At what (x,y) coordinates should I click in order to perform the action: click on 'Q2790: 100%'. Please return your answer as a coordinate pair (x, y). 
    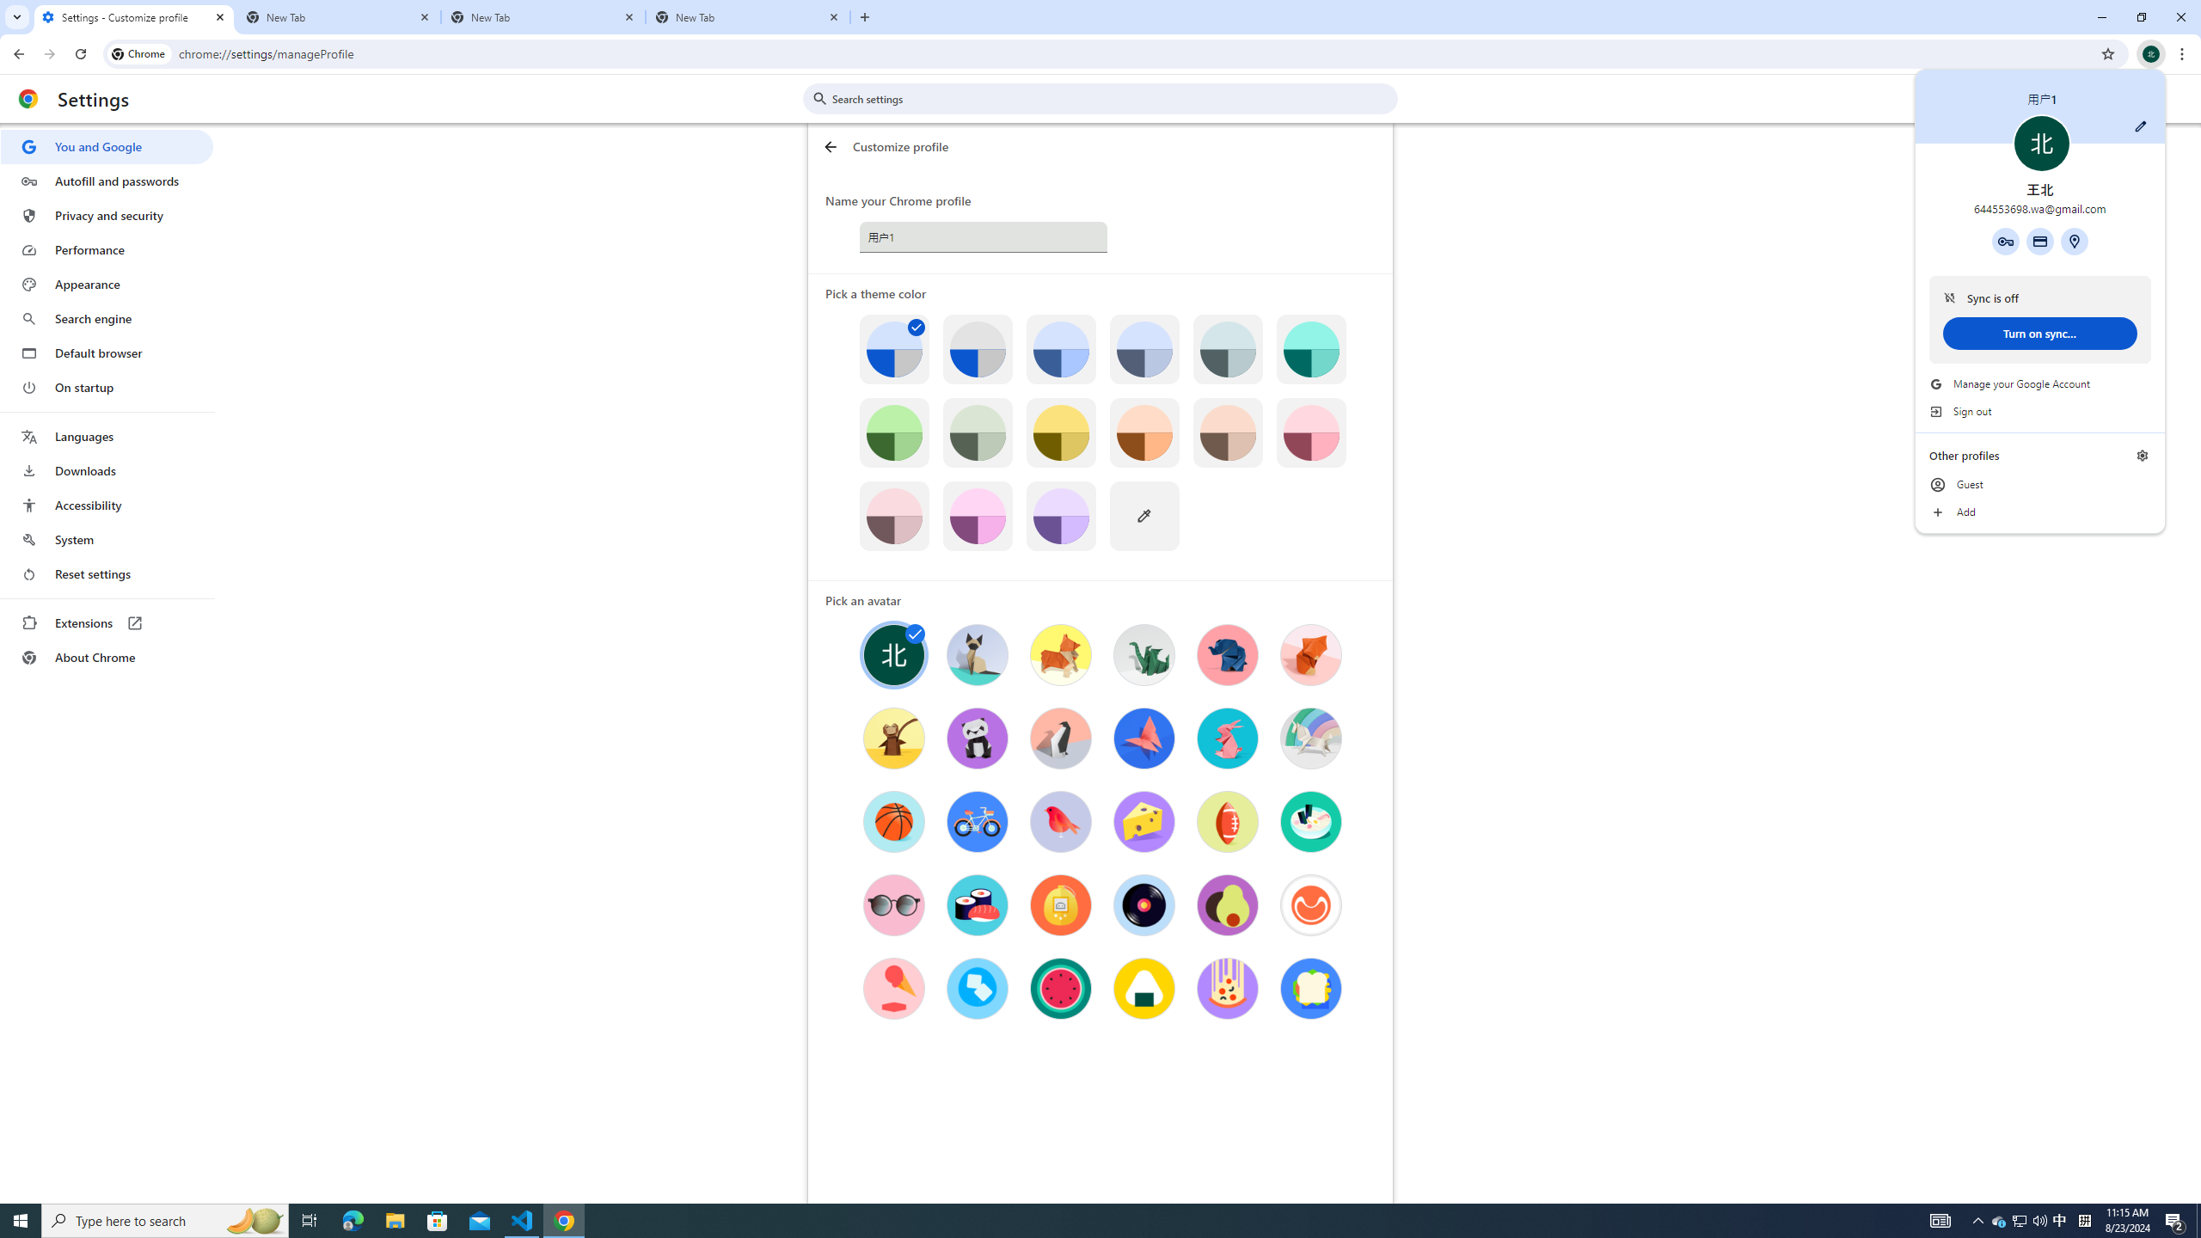
    Looking at the image, I should click on (2039, 1219).